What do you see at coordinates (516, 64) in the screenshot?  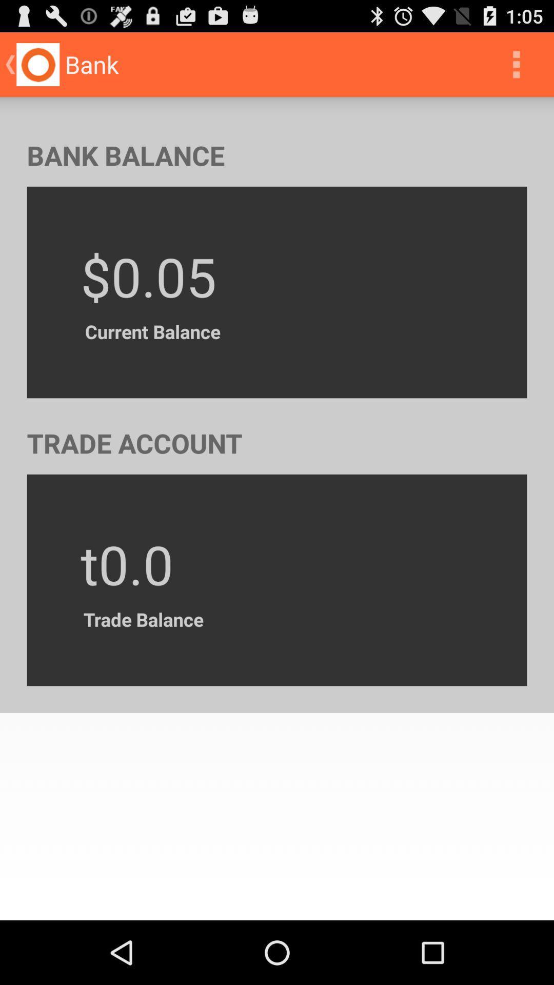 I see `app to the right of the bank item` at bounding box center [516, 64].